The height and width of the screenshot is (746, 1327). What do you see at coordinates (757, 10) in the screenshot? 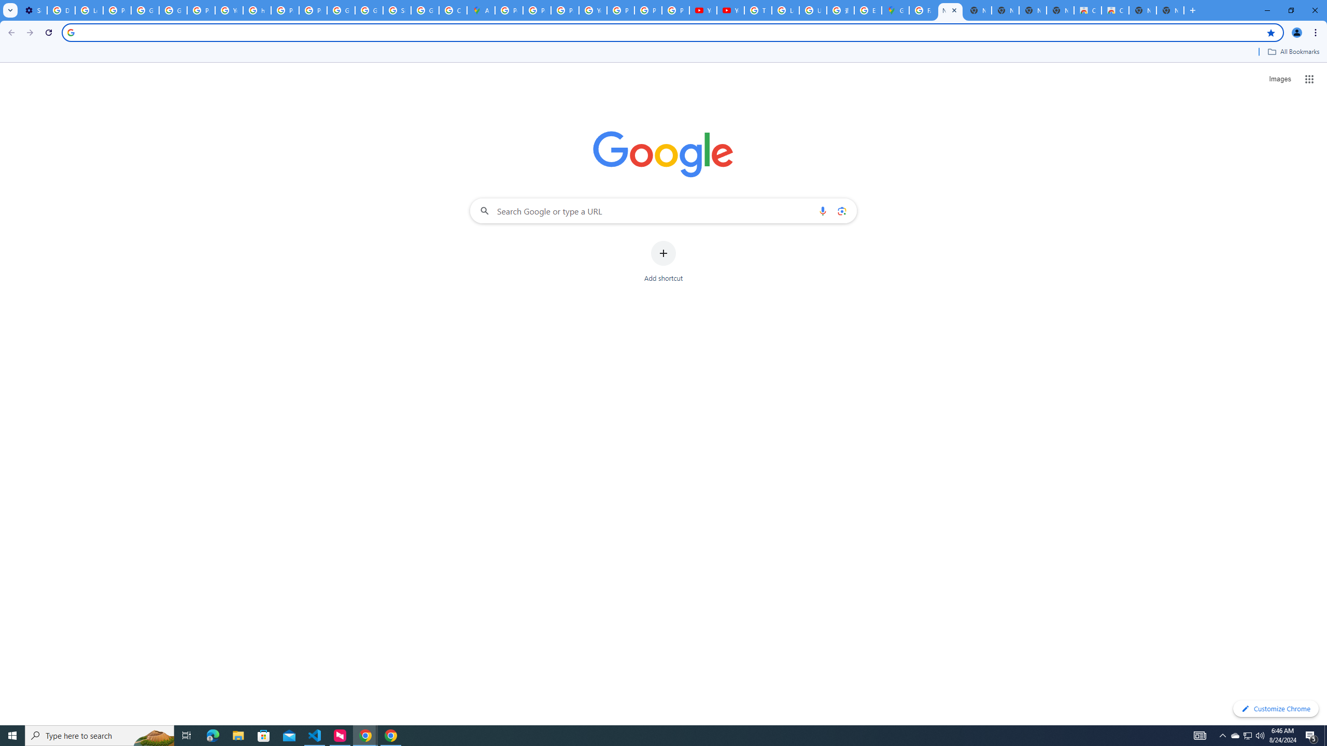
I see `'Tips & tricks for Chrome - Google Chrome Help'` at bounding box center [757, 10].